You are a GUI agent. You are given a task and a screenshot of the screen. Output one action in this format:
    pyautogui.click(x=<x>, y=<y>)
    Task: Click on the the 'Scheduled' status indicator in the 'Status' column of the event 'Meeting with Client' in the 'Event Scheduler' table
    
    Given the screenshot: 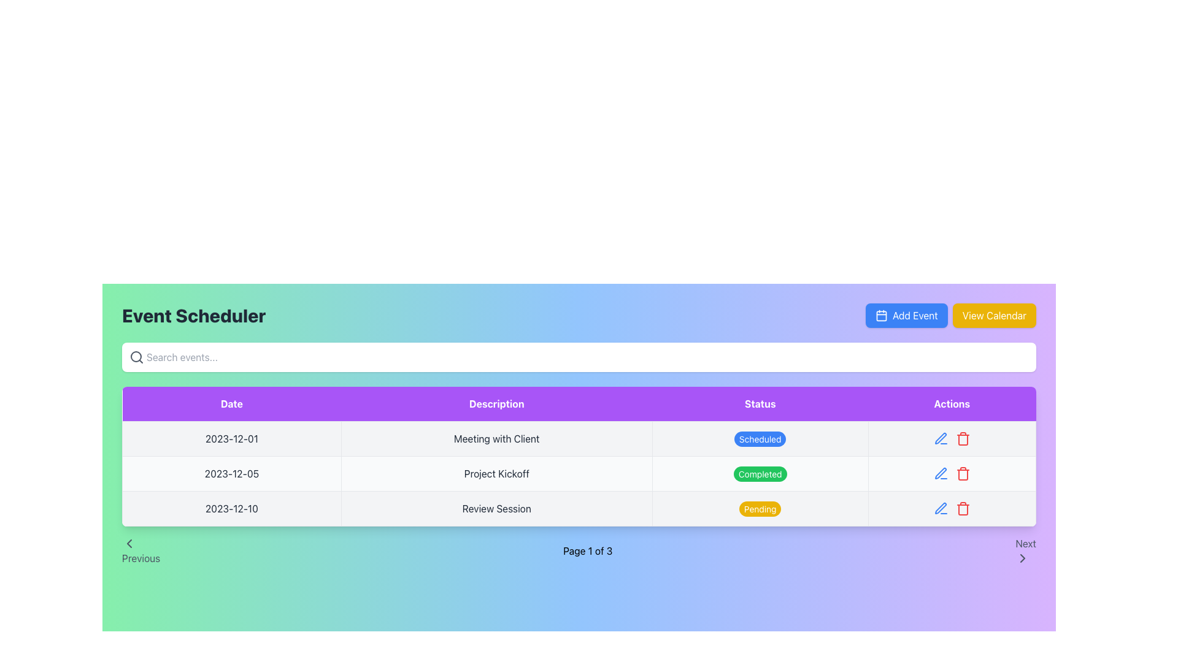 What is the action you would take?
    pyautogui.click(x=760, y=438)
    